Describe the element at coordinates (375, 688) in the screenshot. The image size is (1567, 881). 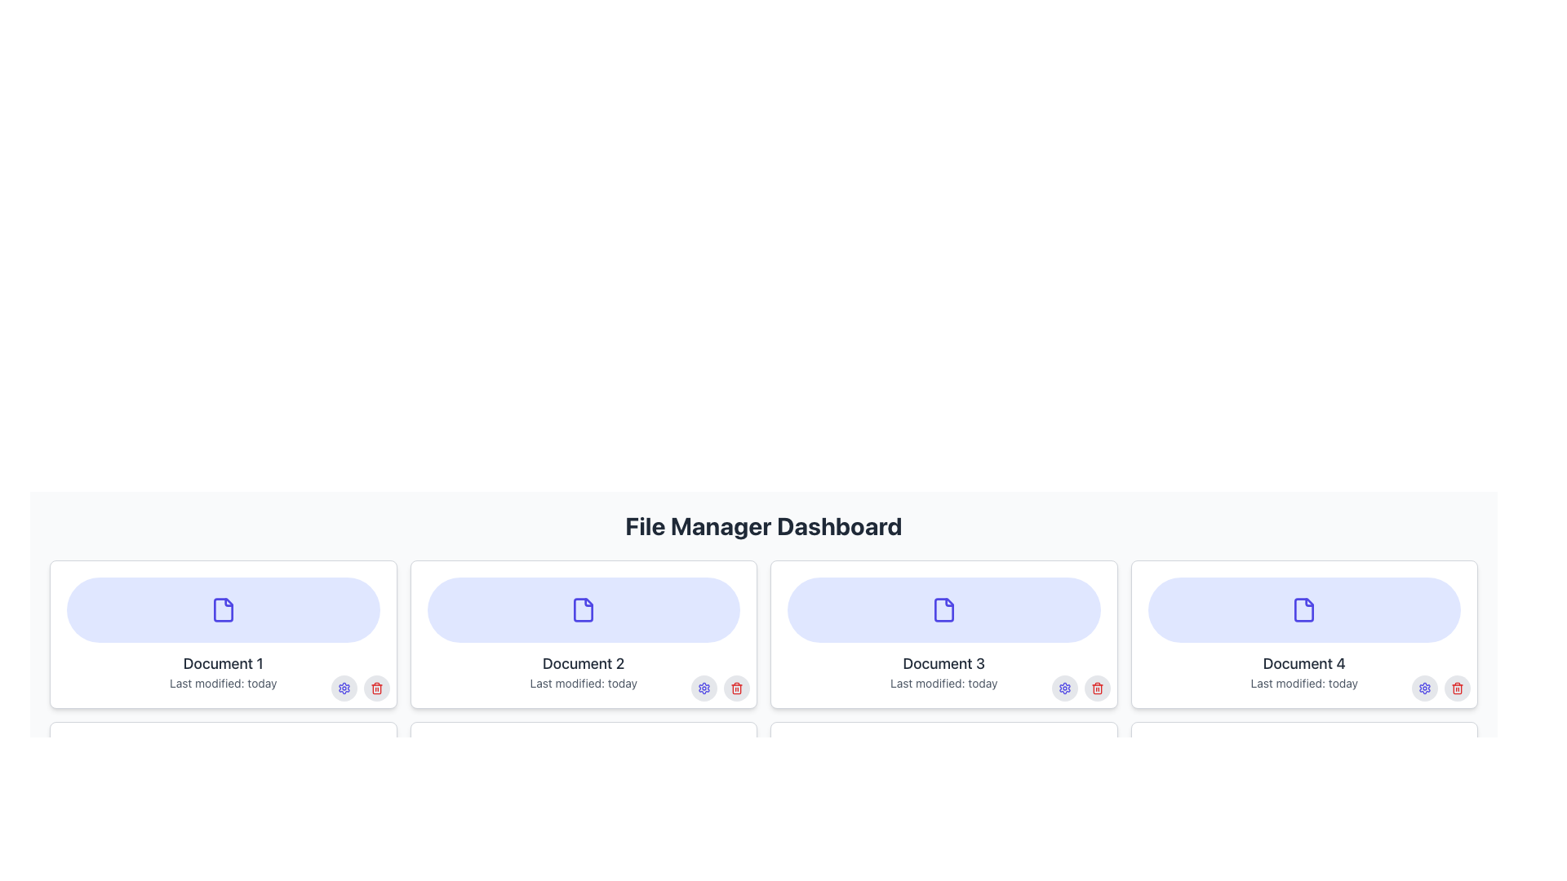
I see `the delete Icon Button located in the lower right corner of the card labeled 'Document 1'` at that location.